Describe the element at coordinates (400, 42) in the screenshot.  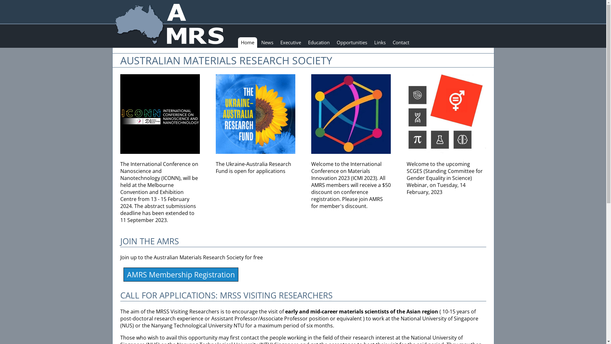
I see `'Contact'` at that location.